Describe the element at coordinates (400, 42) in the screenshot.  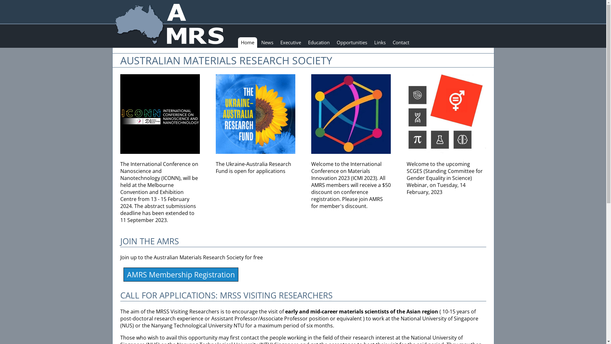
I see `'Contact'` at that location.